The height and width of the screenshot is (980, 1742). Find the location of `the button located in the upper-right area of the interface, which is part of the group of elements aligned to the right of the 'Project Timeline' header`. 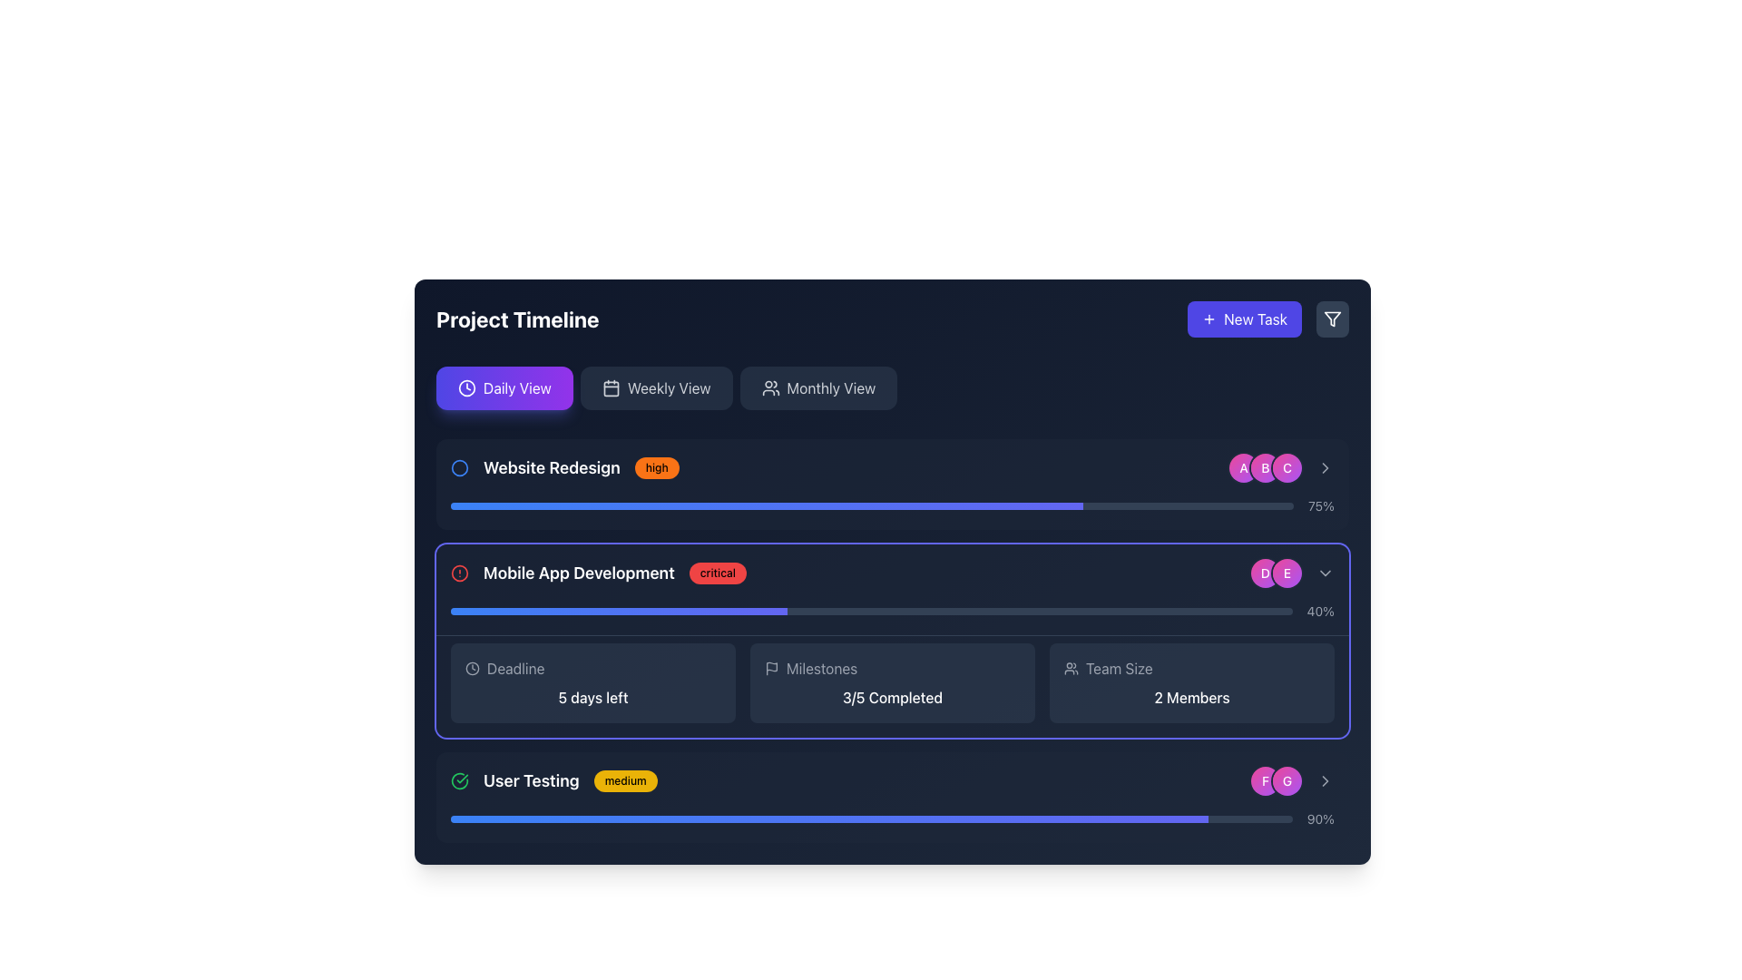

the button located in the upper-right area of the interface, which is part of the group of elements aligned to the right of the 'Project Timeline' header is located at coordinates (1267, 318).